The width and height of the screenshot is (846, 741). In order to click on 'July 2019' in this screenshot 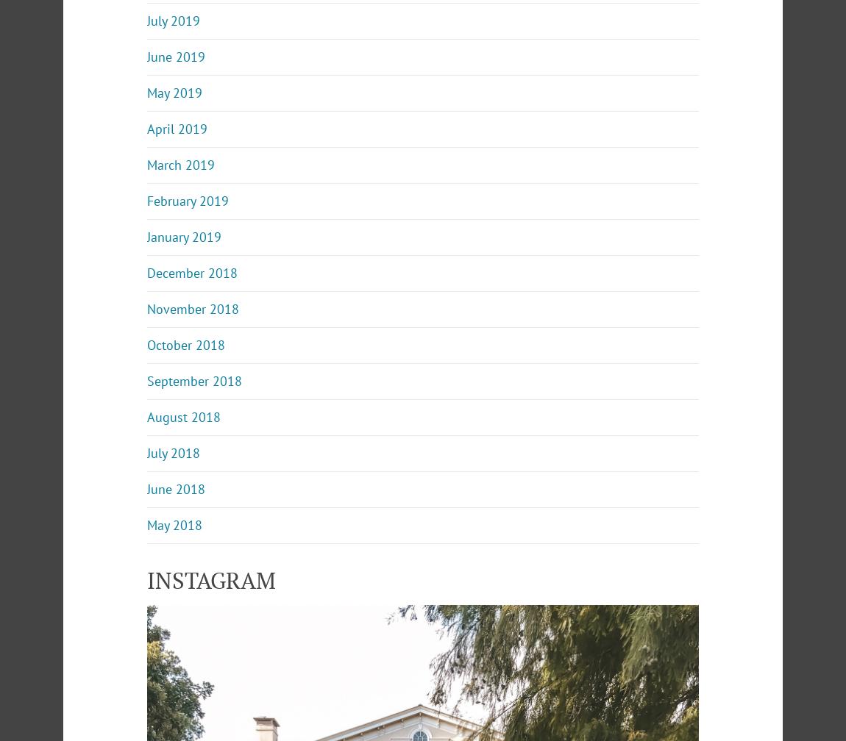, I will do `click(172, 20)`.